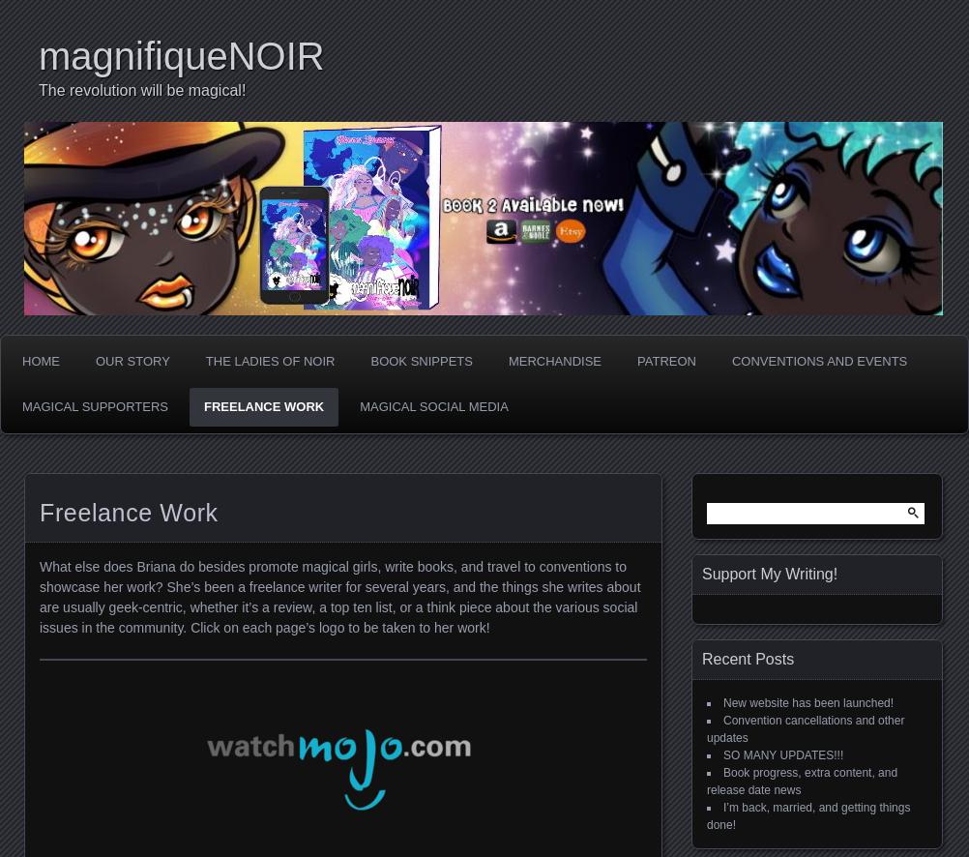  What do you see at coordinates (807, 702) in the screenshot?
I see `'New website has been launched!'` at bounding box center [807, 702].